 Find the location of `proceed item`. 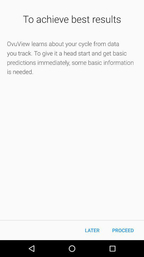

proceed item is located at coordinates (123, 230).